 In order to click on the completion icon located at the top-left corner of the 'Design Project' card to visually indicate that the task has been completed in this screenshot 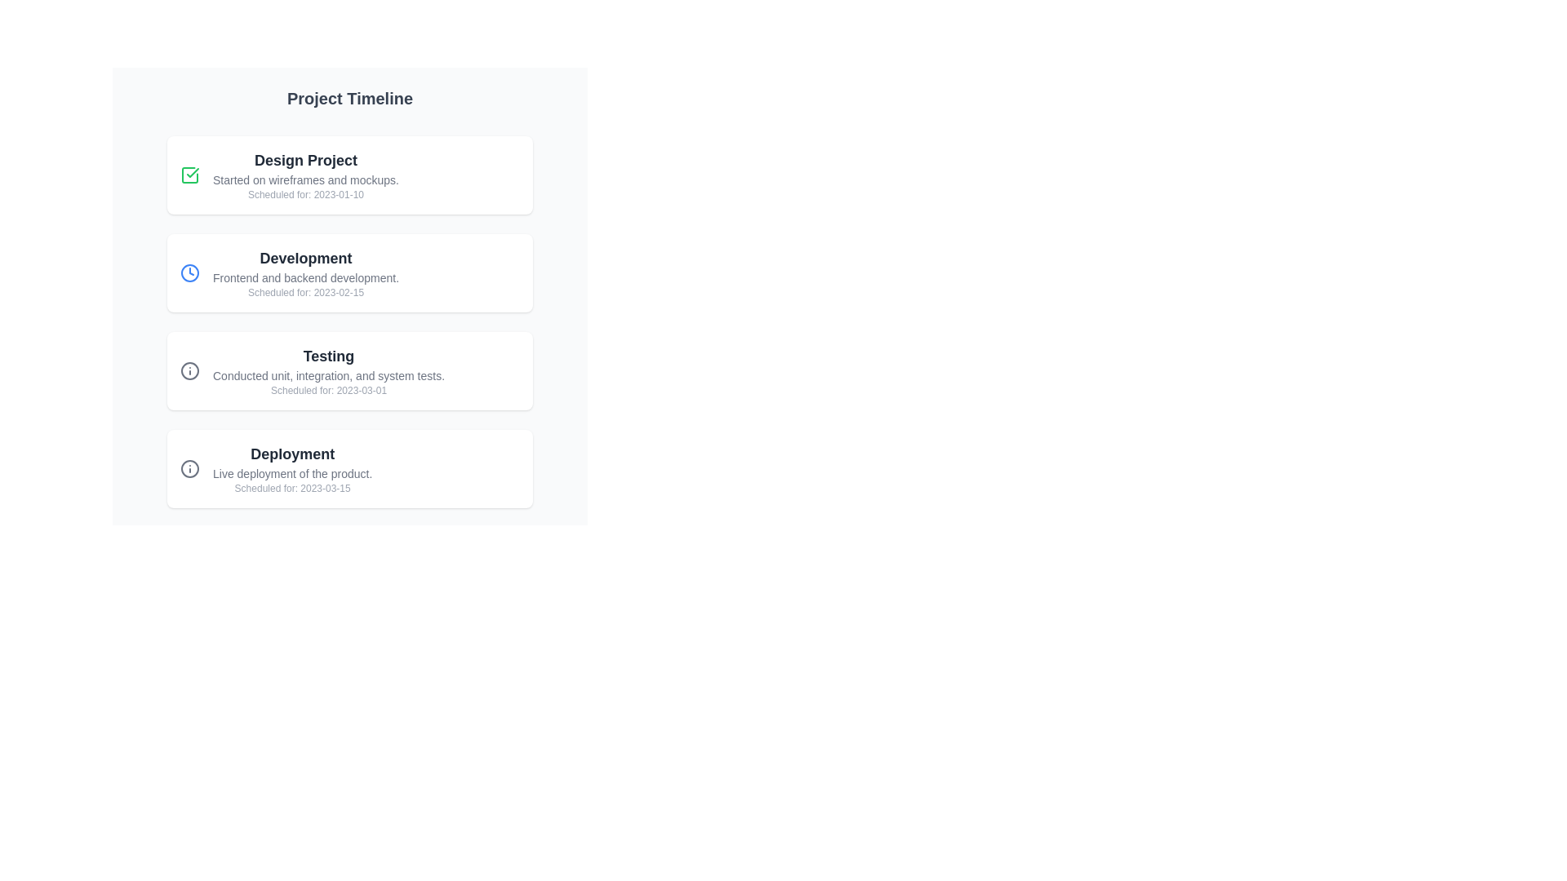, I will do `click(190, 175)`.